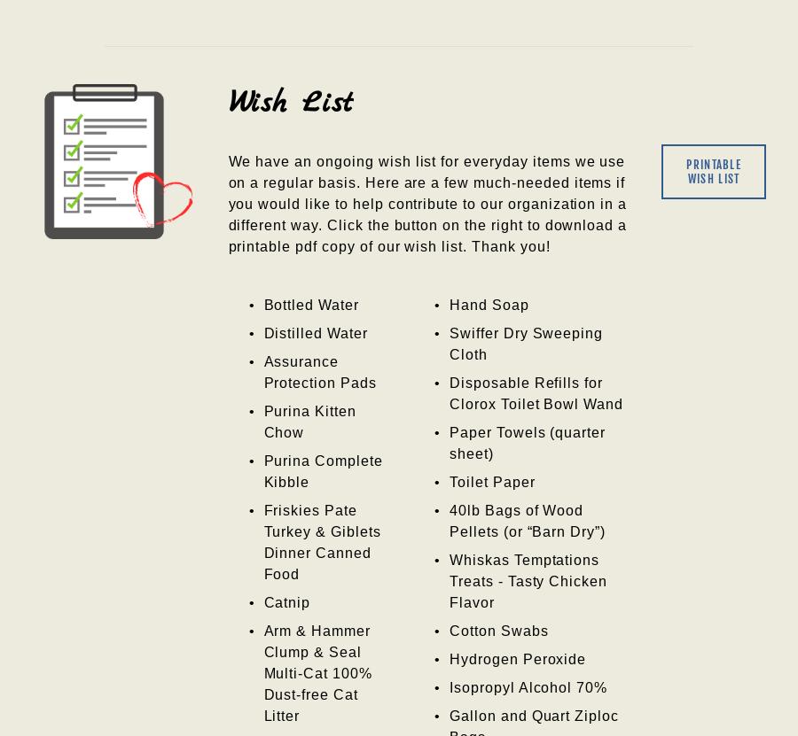 The image size is (798, 736). I want to click on 'Toilet Paper', so click(490, 481).